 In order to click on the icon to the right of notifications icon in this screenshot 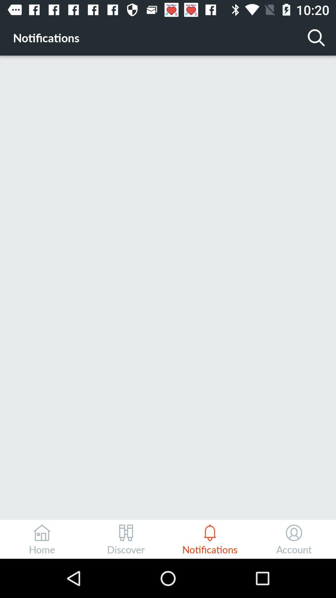, I will do `click(316, 37)`.